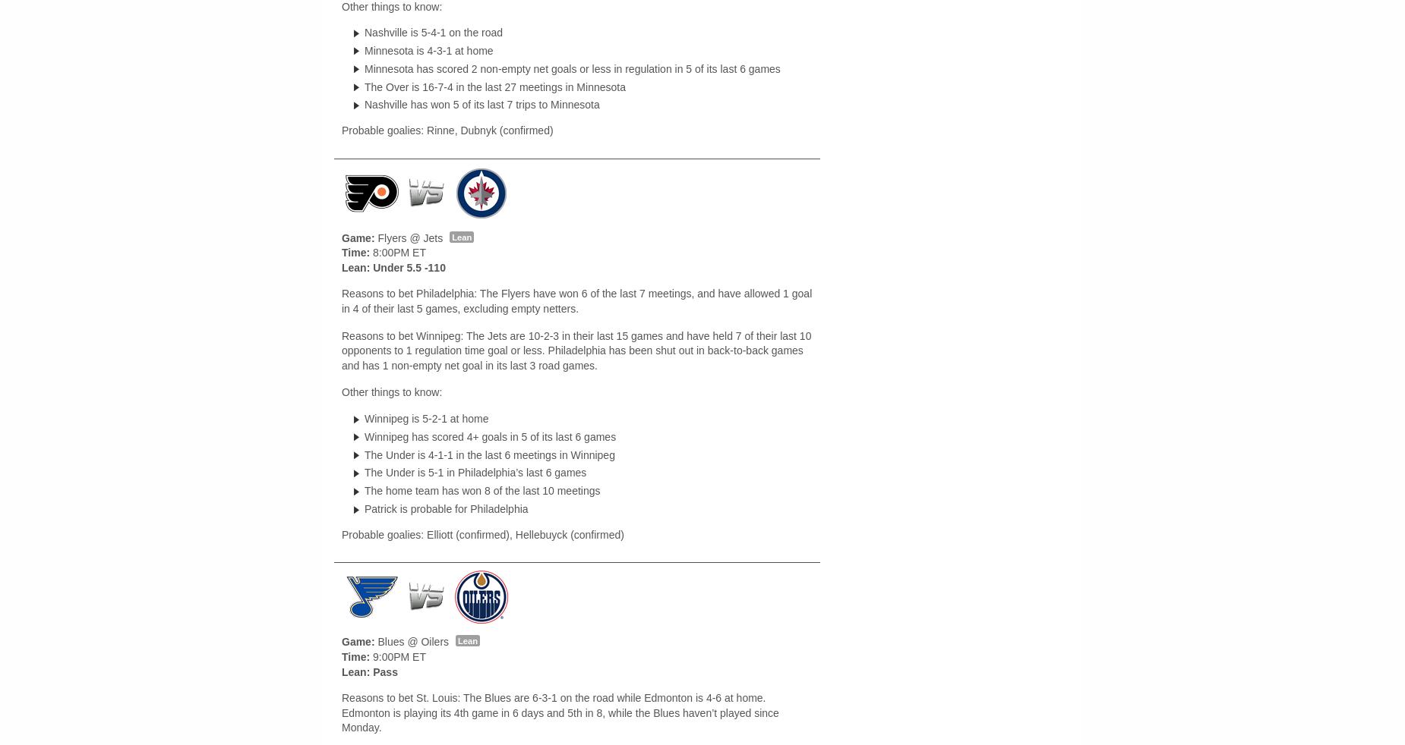 This screenshot has width=1405, height=745. Describe the element at coordinates (576, 301) in the screenshot. I see `'Reasons to bet Philadelphia: The Flyers have won 6 of the last 7 meetings, and have allowed 1 goal in 4 of their last 5 games, excluding empty netters.'` at that location.